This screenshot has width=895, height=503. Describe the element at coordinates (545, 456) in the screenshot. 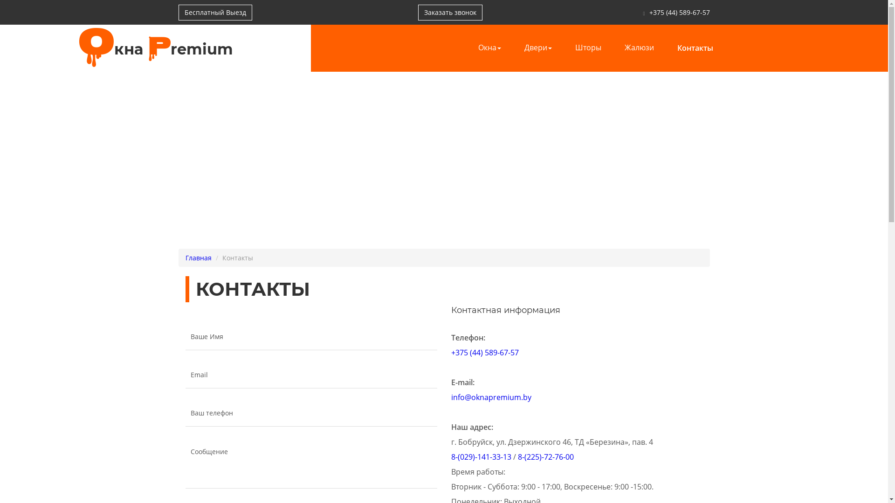

I see `'8-(225)-72-76-00'` at that location.